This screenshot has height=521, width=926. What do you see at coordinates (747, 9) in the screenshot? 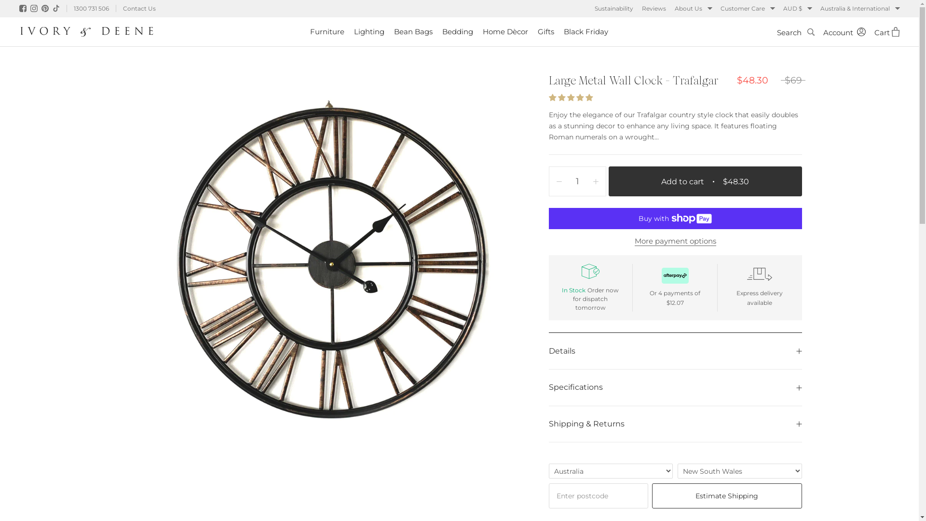
I see `'Customer Care'` at bounding box center [747, 9].